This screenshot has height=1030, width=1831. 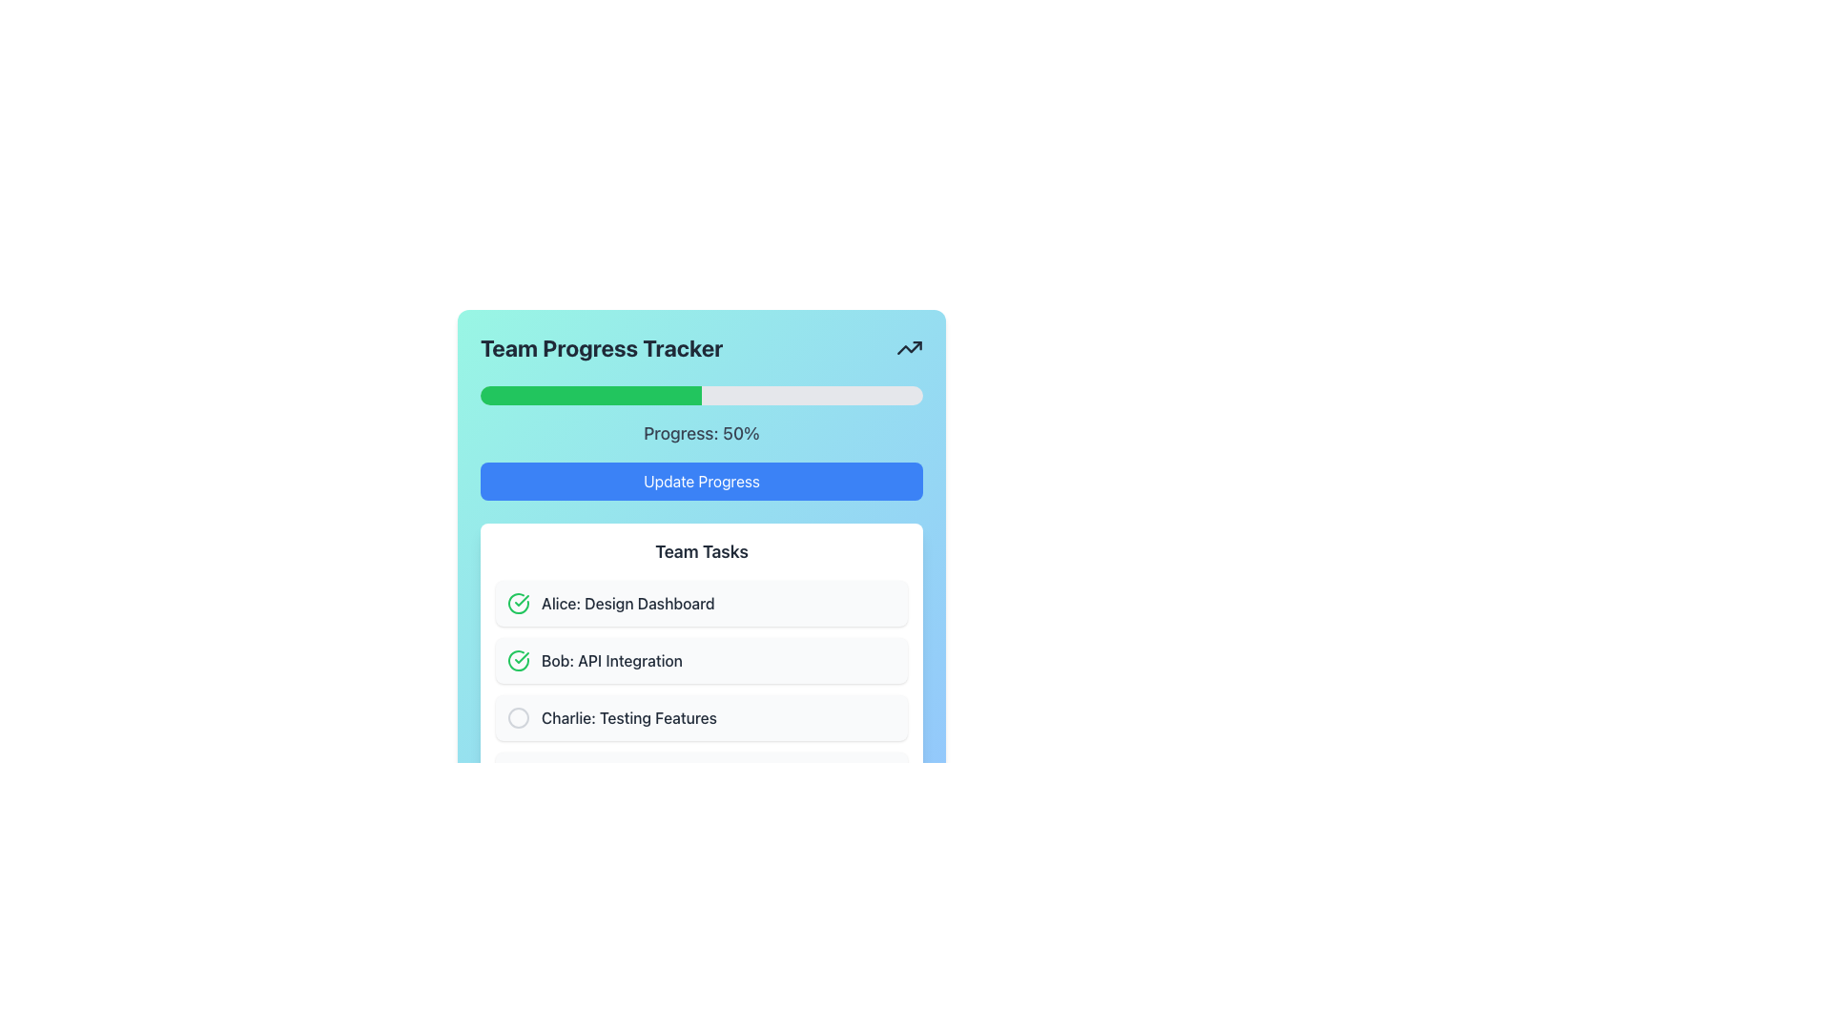 I want to click on the text heading labeled 'Team Progress Tracker', which is styled in a large, bold gray font and located at the top-left position of the application interface, so click(x=601, y=348).